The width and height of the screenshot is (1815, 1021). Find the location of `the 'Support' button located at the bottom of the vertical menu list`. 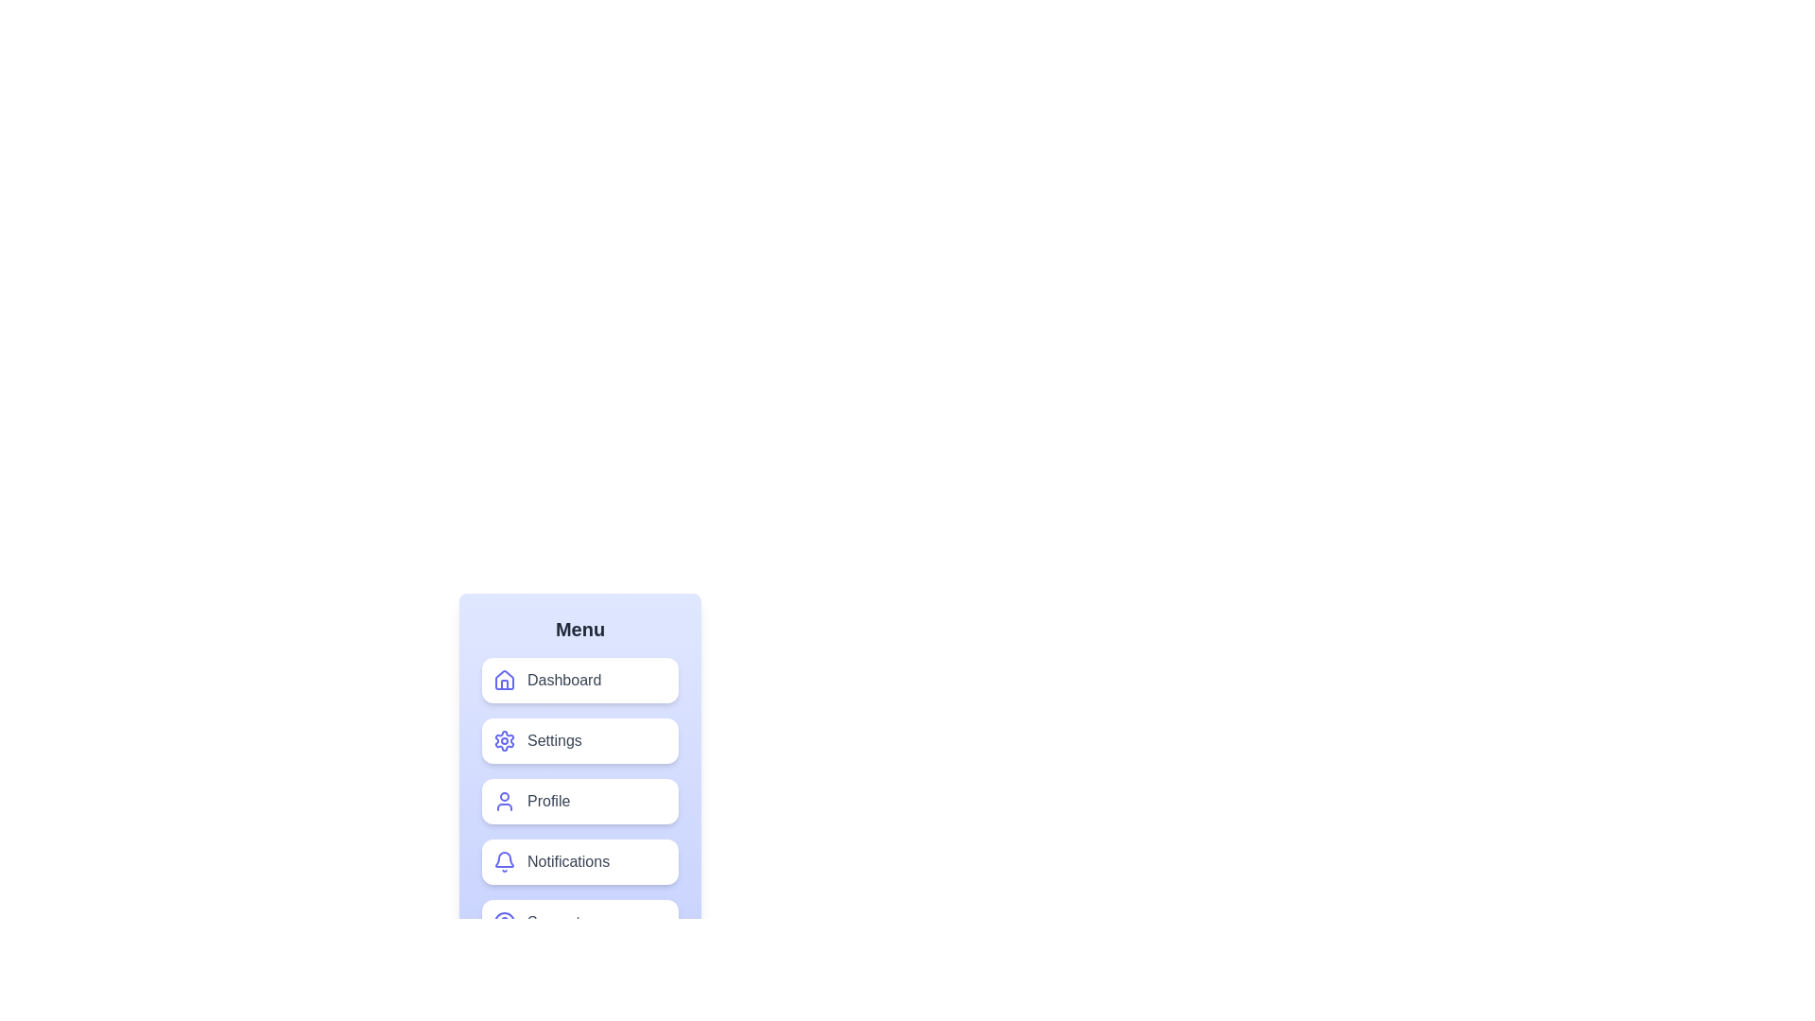

the 'Support' button located at the bottom of the vertical menu list is located at coordinates (579, 921).